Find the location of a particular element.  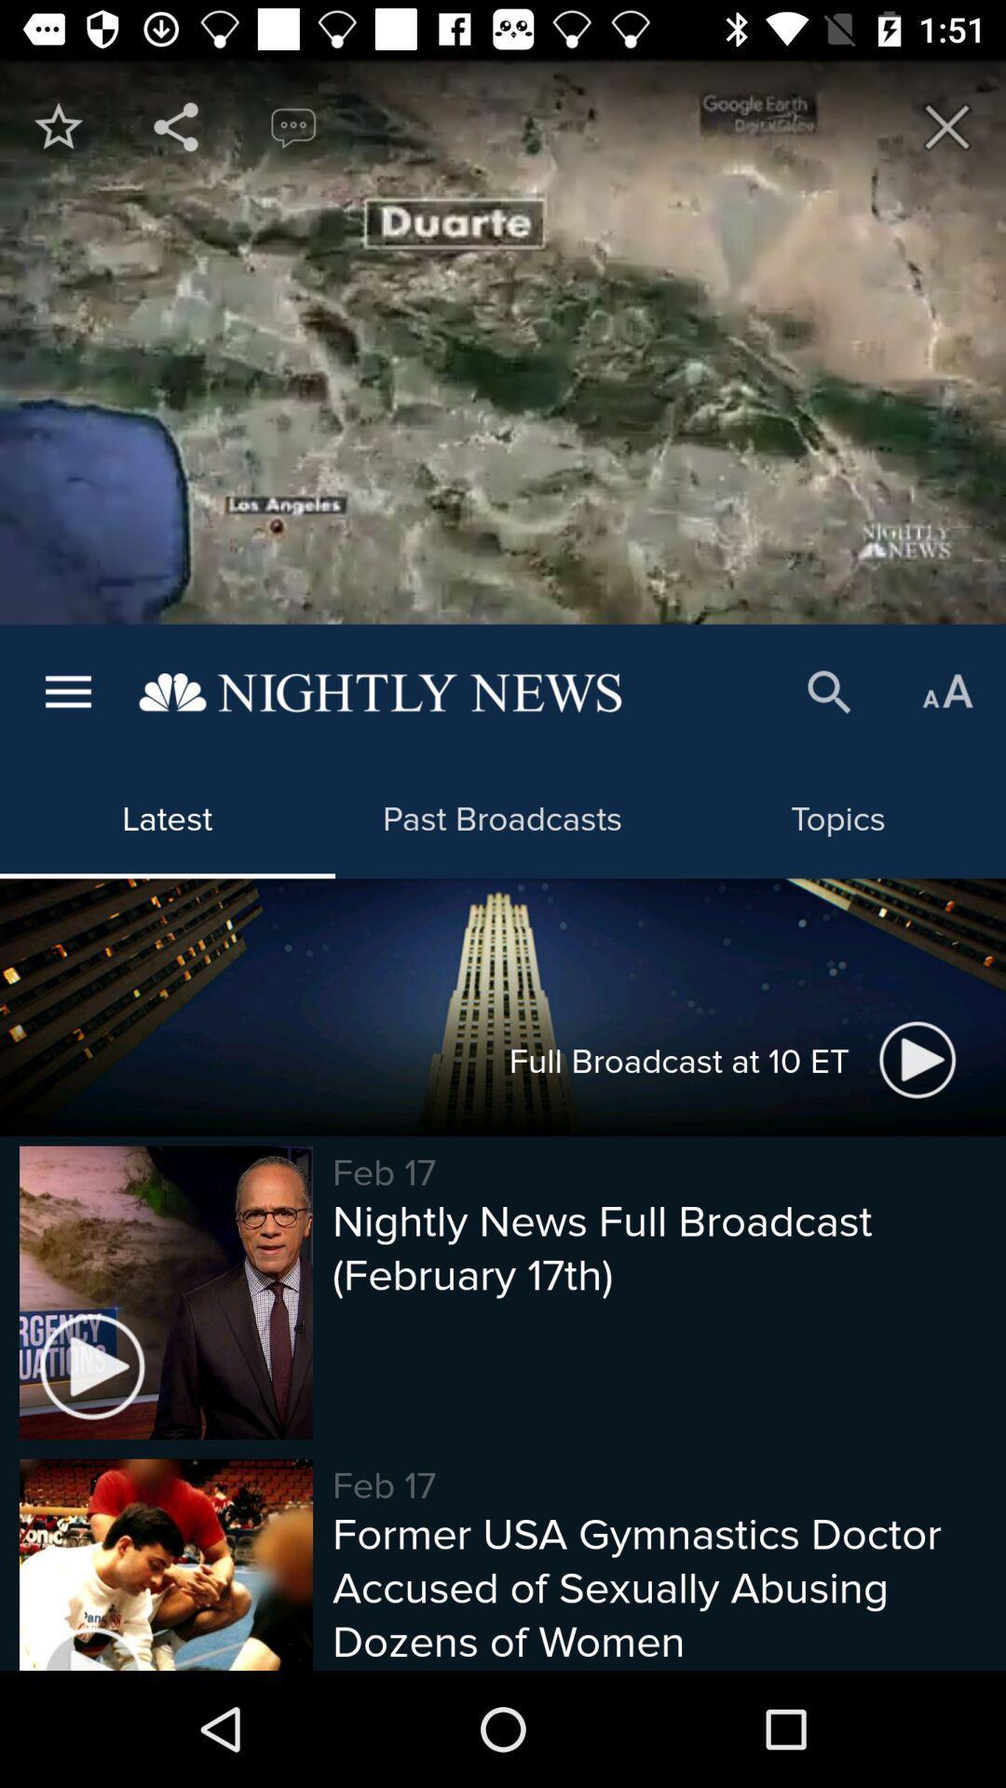

share app is located at coordinates (176, 126).